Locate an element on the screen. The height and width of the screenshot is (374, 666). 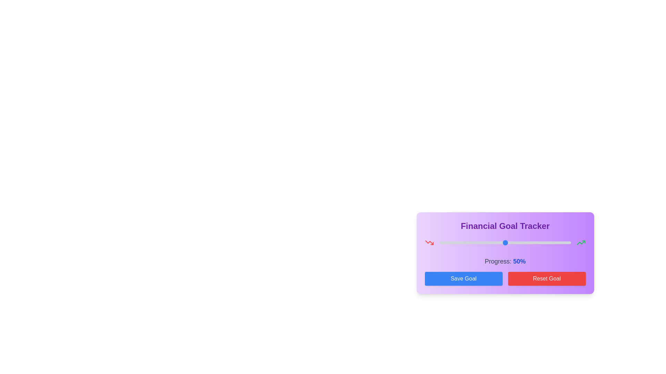
the 'Save Goal' button is located at coordinates (463, 278).